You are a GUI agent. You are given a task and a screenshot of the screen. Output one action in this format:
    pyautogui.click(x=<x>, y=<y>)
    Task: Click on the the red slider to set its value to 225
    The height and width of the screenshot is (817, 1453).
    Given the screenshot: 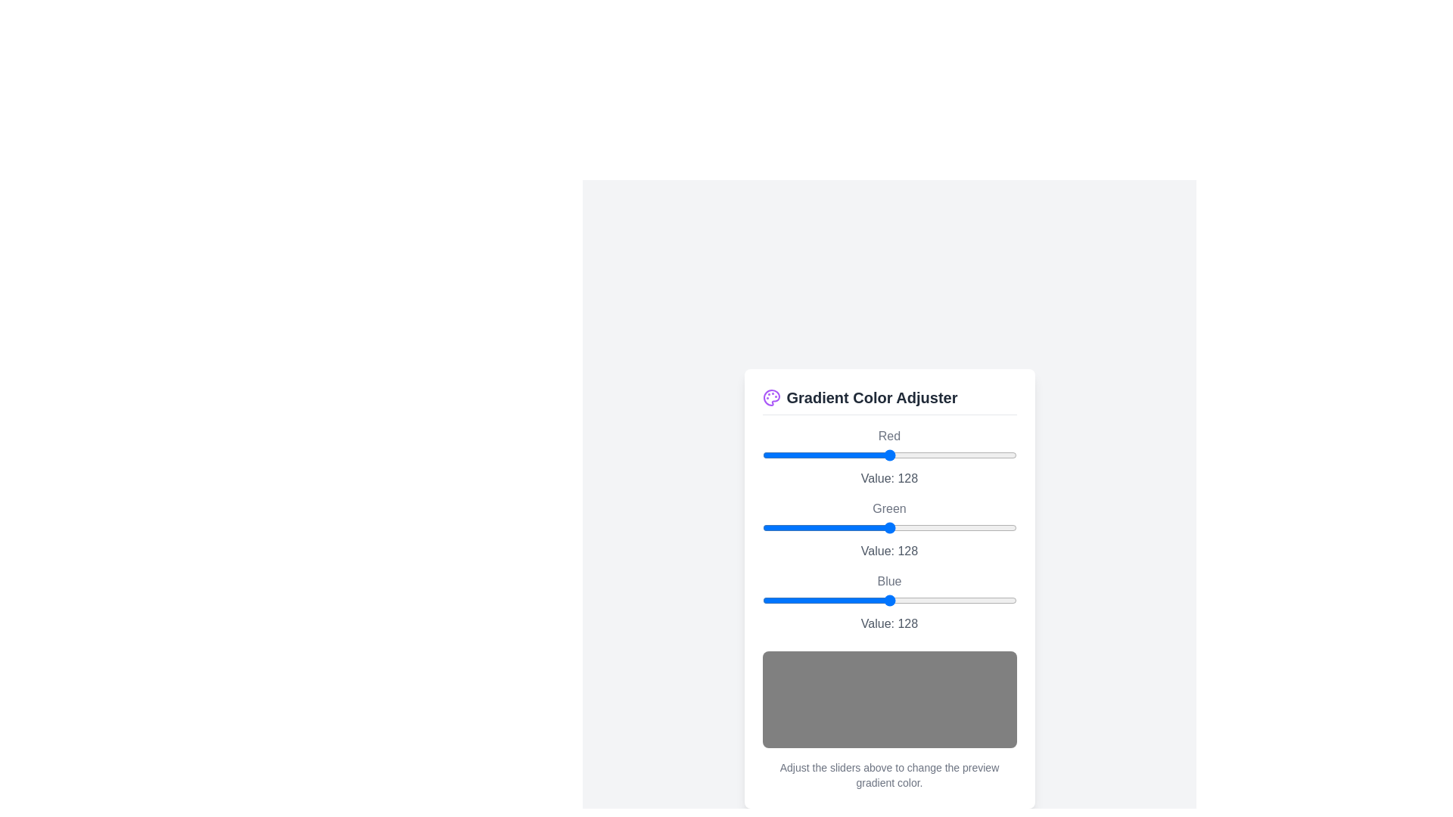 What is the action you would take?
    pyautogui.click(x=987, y=454)
    